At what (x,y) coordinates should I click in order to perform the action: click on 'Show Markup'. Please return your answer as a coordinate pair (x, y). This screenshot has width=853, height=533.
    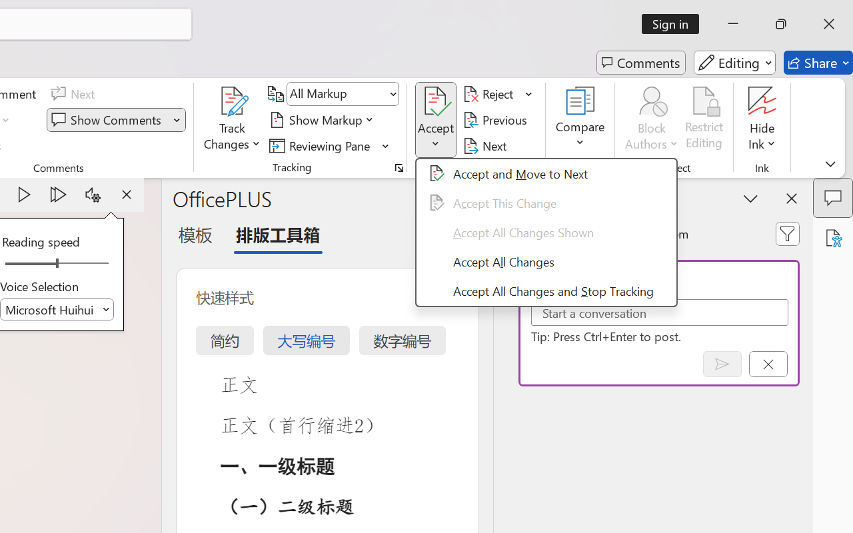
    Looking at the image, I should click on (323, 119).